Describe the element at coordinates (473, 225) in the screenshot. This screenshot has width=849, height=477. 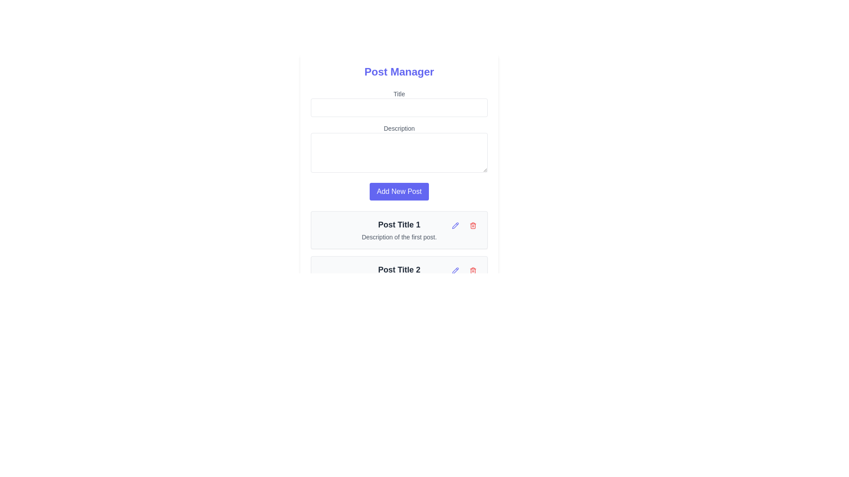
I see `the delete button represented by a trash icon, which is the second control icon aligned to the right of 'Post Title 1', following a pencil icon` at that location.